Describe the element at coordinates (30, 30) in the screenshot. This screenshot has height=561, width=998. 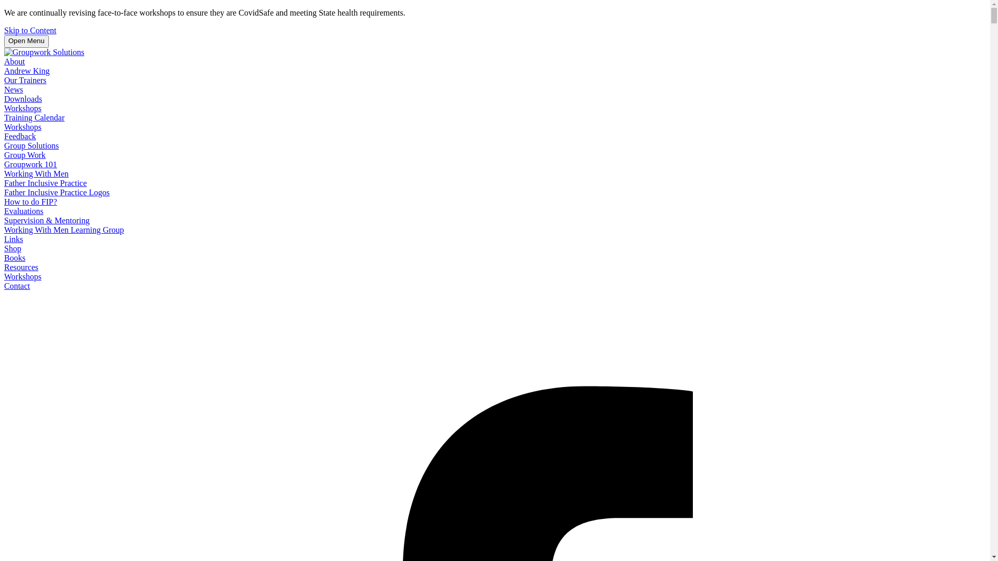
I see `'Skip to Content'` at that location.